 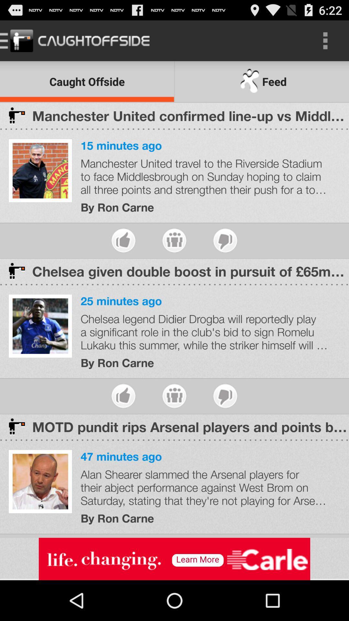 What do you see at coordinates (123, 240) in the screenshot?
I see `like the post` at bounding box center [123, 240].